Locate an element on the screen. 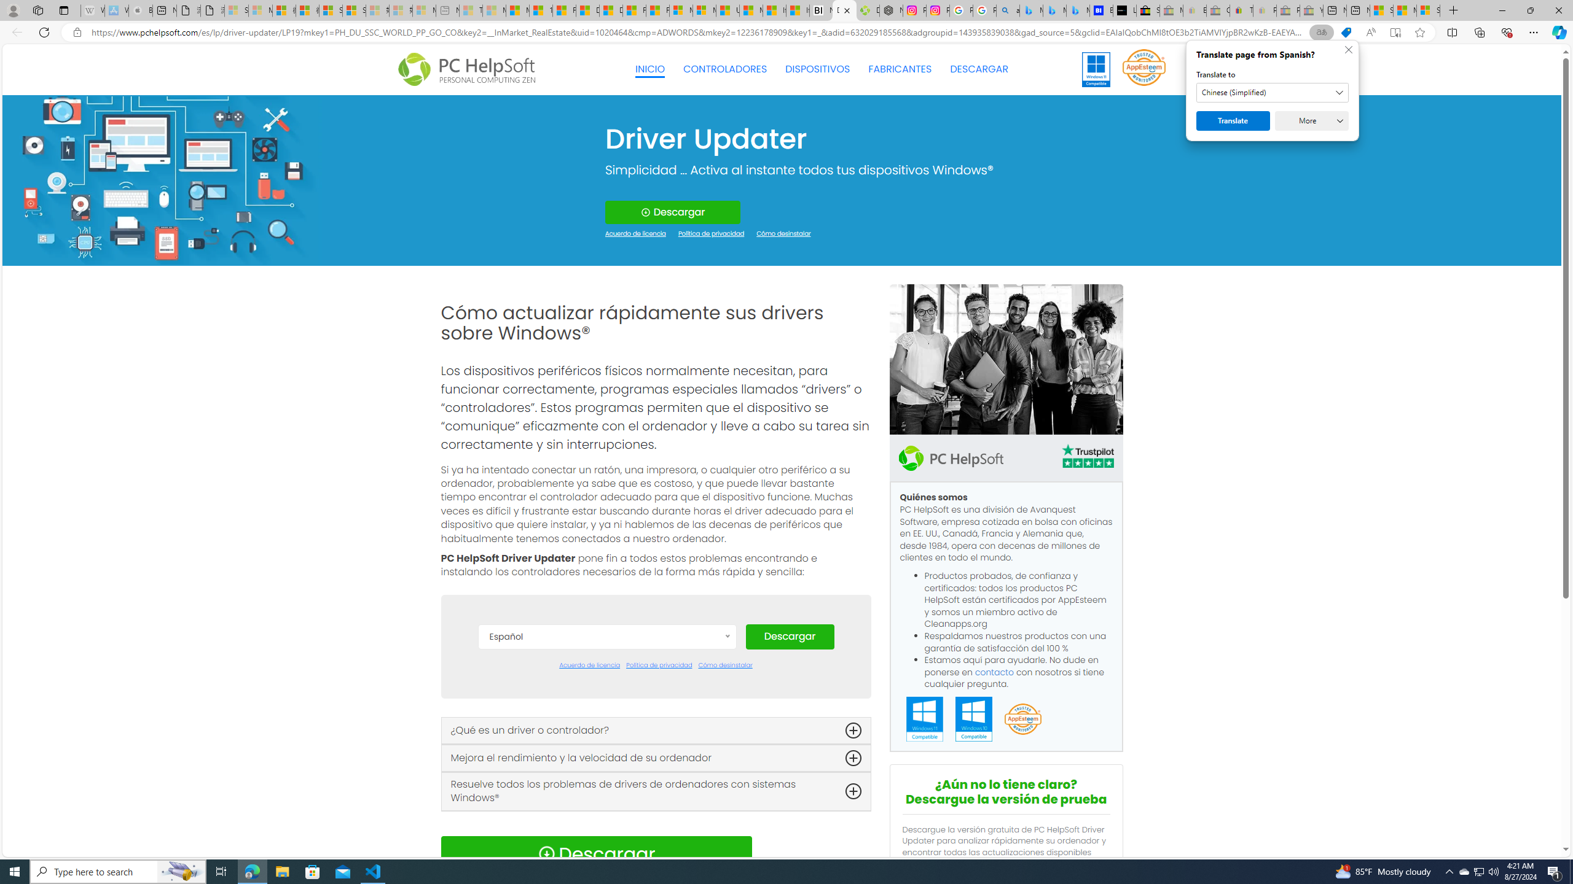 The height and width of the screenshot is (884, 1573). 'Windows 11 Compatible' is located at coordinates (924, 719).